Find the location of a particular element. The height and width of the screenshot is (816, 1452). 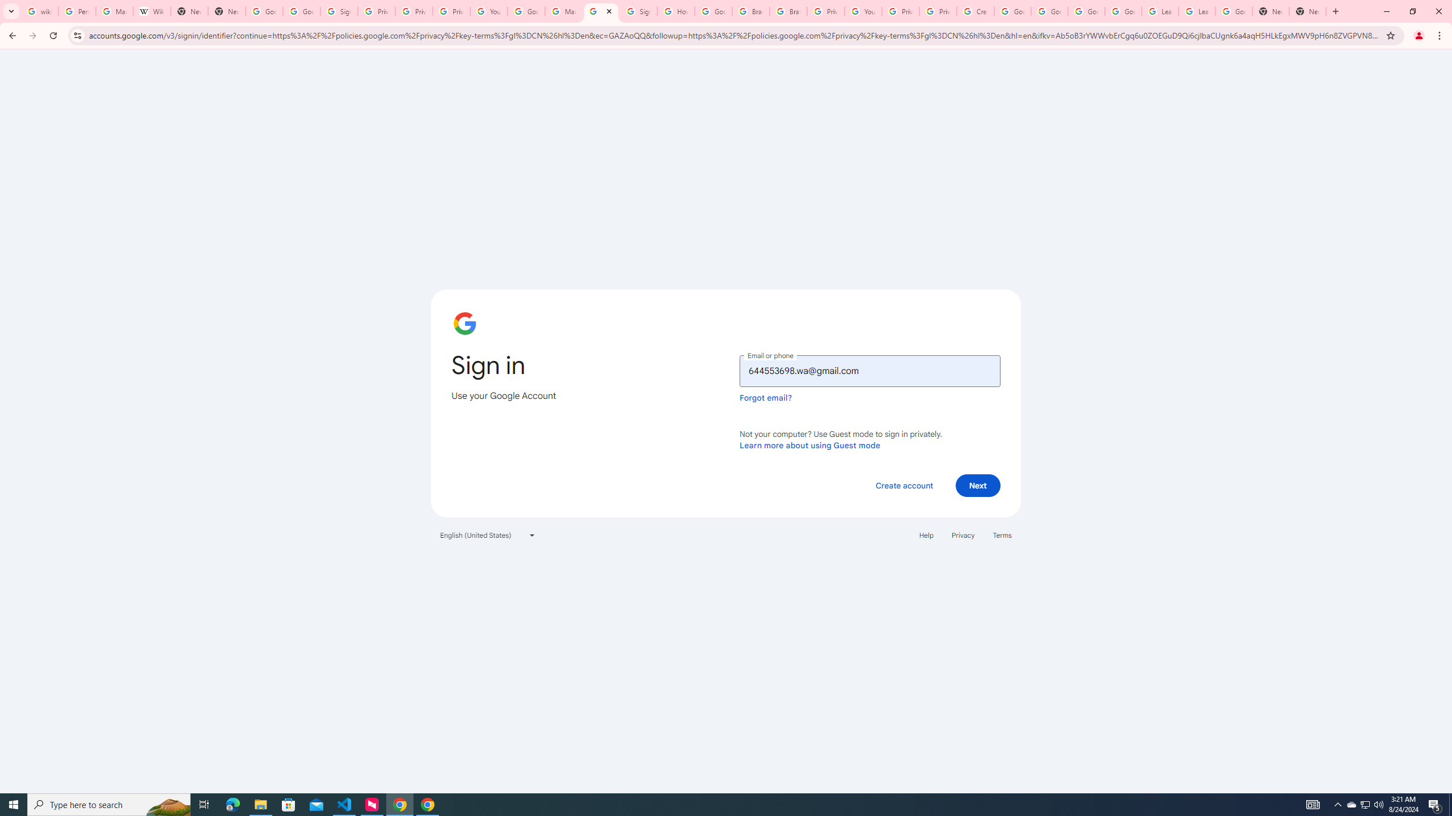

'Create account' is located at coordinates (904, 484).